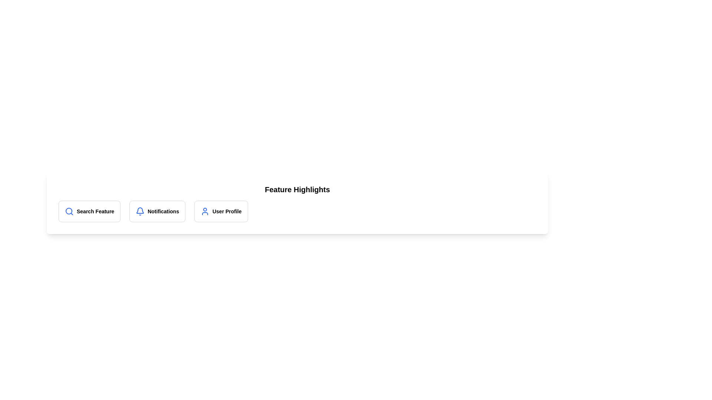 This screenshot has height=400, width=712. What do you see at coordinates (89, 211) in the screenshot?
I see `the chip corresponding to Search Feature` at bounding box center [89, 211].